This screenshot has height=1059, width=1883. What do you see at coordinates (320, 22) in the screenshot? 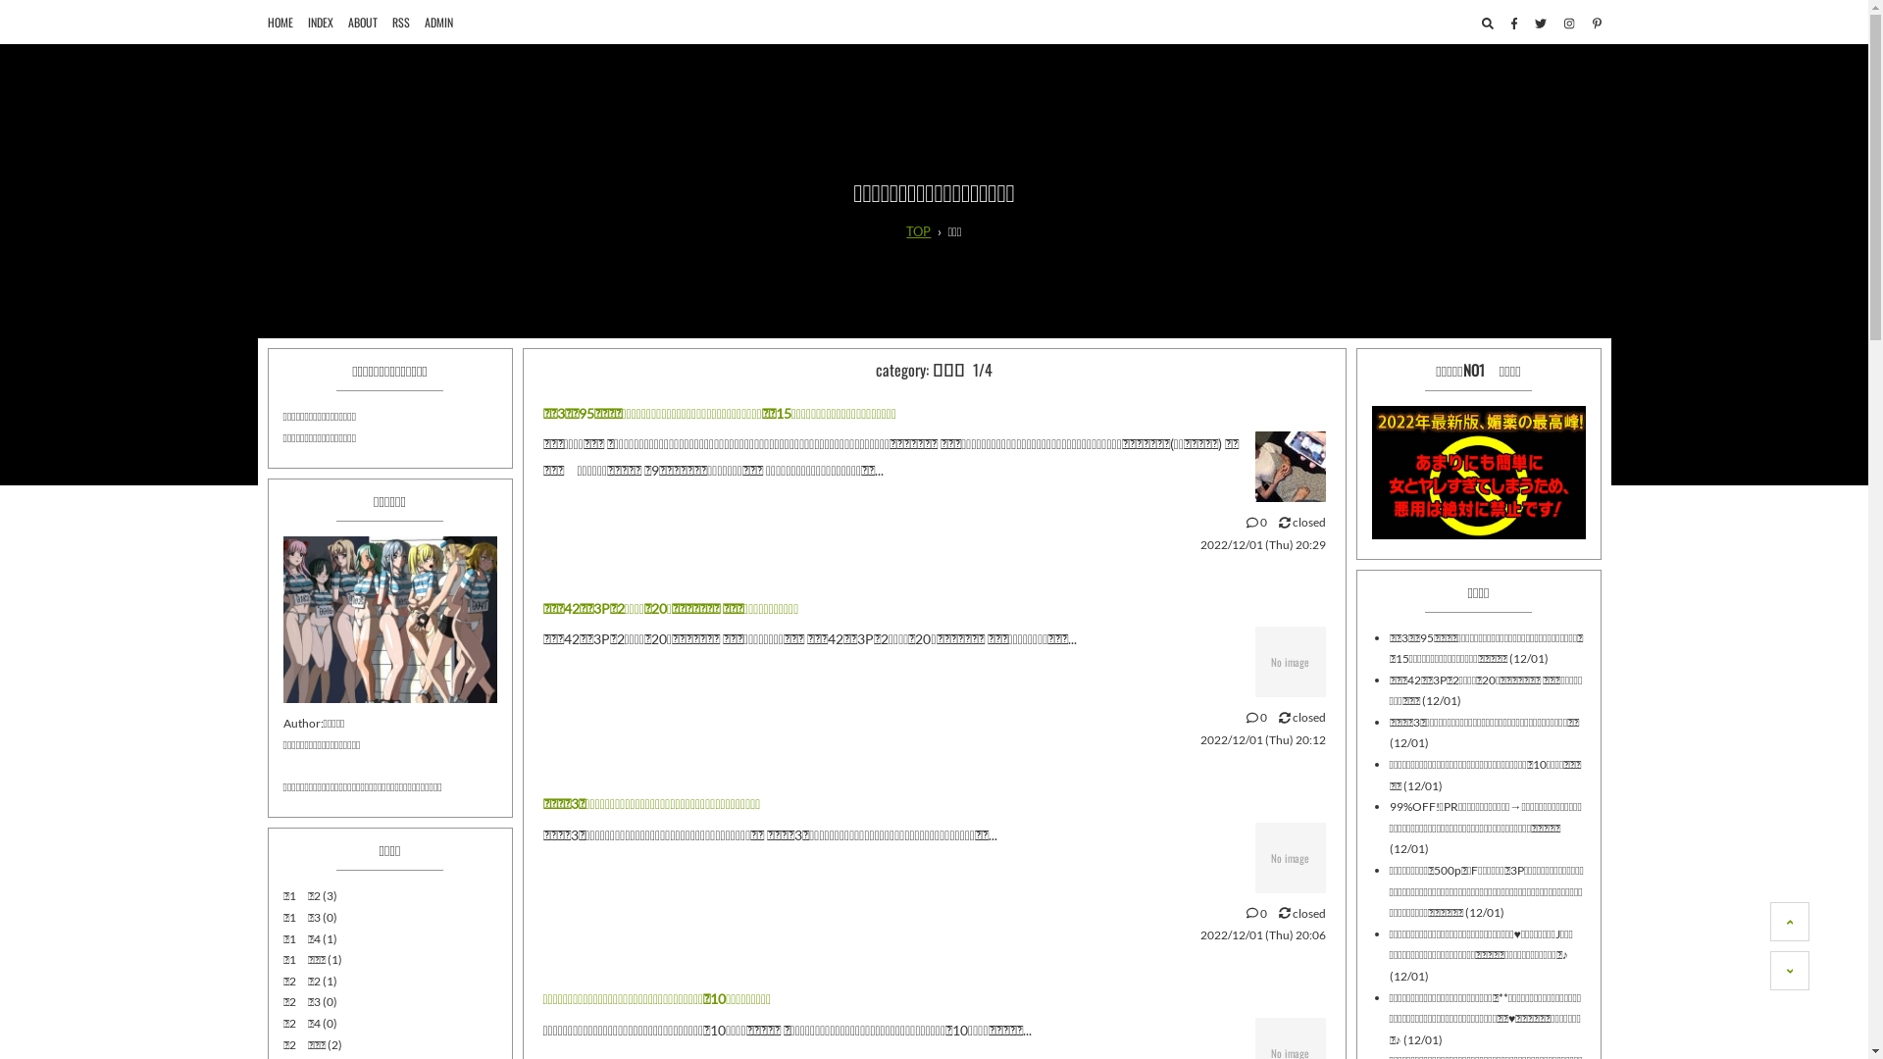
I see `'INDEX'` at bounding box center [320, 22].